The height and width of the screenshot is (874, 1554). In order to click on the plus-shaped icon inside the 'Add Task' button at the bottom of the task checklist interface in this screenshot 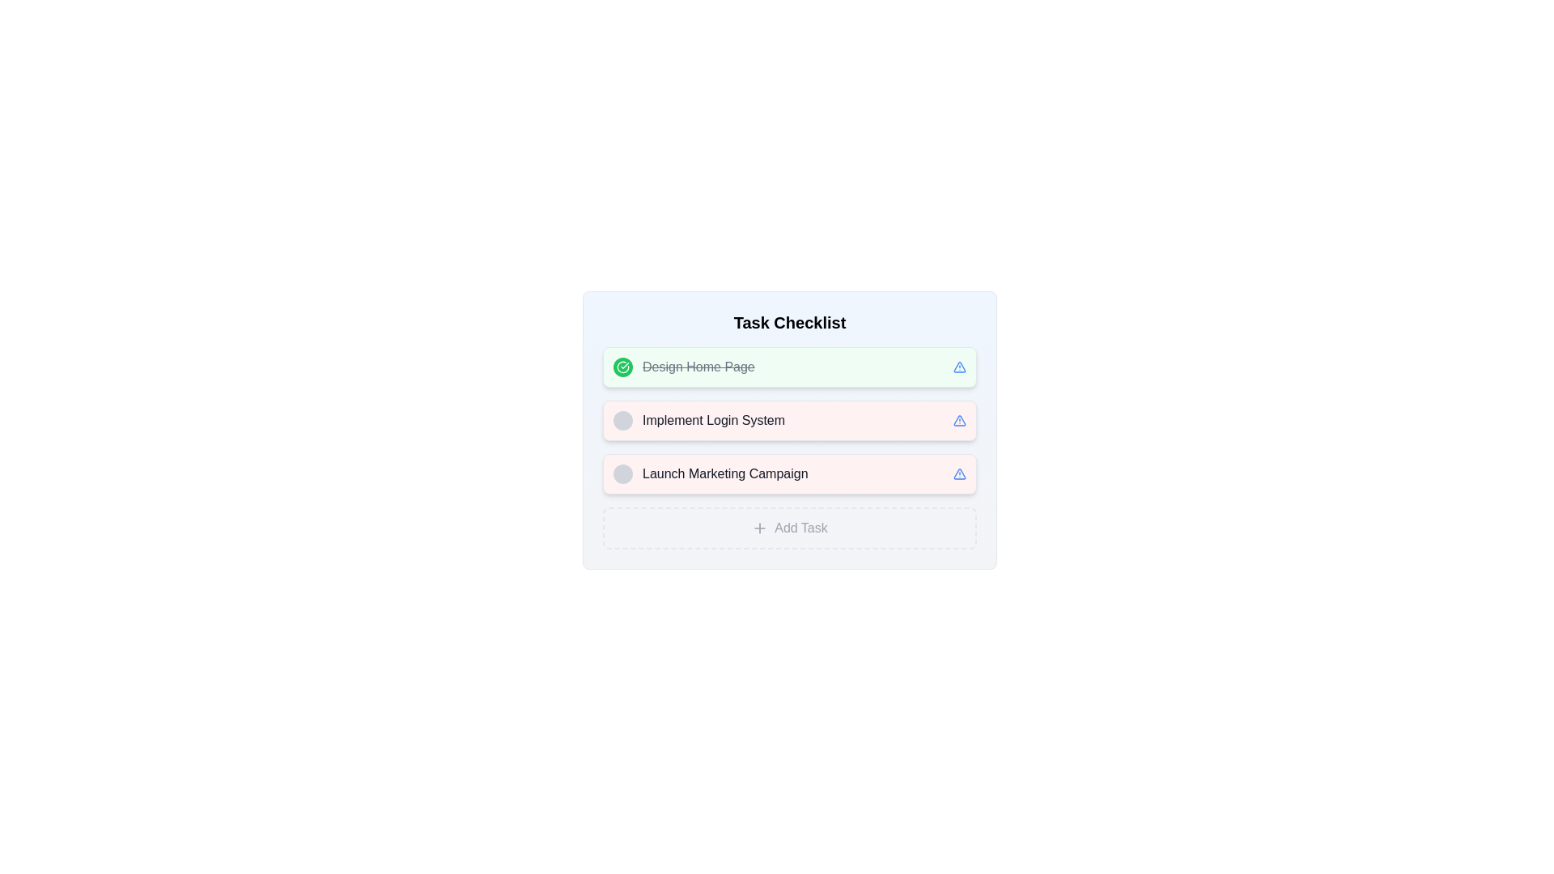, I will do `click(759, 528)`.